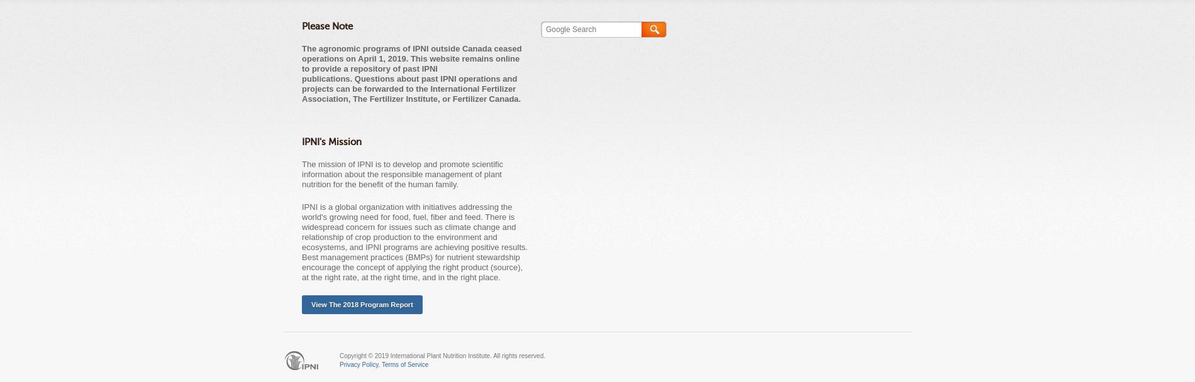 The height and width of the screenshot is (382, 1195). Describe the element at coordinates (379, 364) in the screenshot. I see `','` at that location.